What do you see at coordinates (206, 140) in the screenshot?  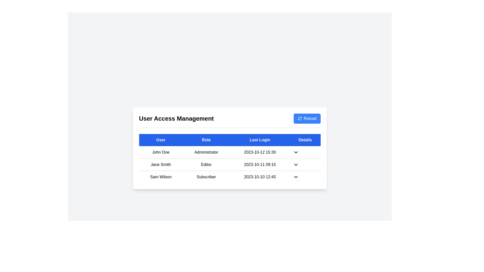 I see `the rectangular button-like component with a blue background and white bold text reading 'Role', which is the second element in a horizontal row of four elements in the header` at bounding box center [206, 140].